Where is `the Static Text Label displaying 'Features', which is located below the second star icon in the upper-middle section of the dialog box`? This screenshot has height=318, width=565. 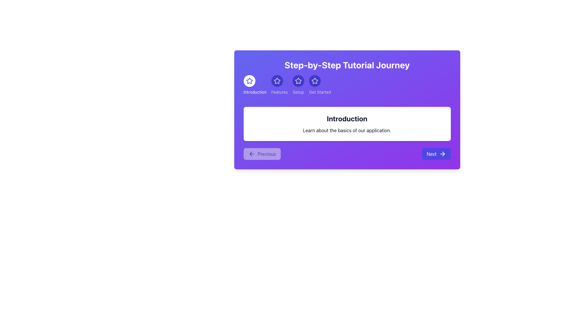
the Static Text Label displaying 'Features', which is located below the second star icon in the upper-middle section of the dialog box is located at coordinates (279, 92).